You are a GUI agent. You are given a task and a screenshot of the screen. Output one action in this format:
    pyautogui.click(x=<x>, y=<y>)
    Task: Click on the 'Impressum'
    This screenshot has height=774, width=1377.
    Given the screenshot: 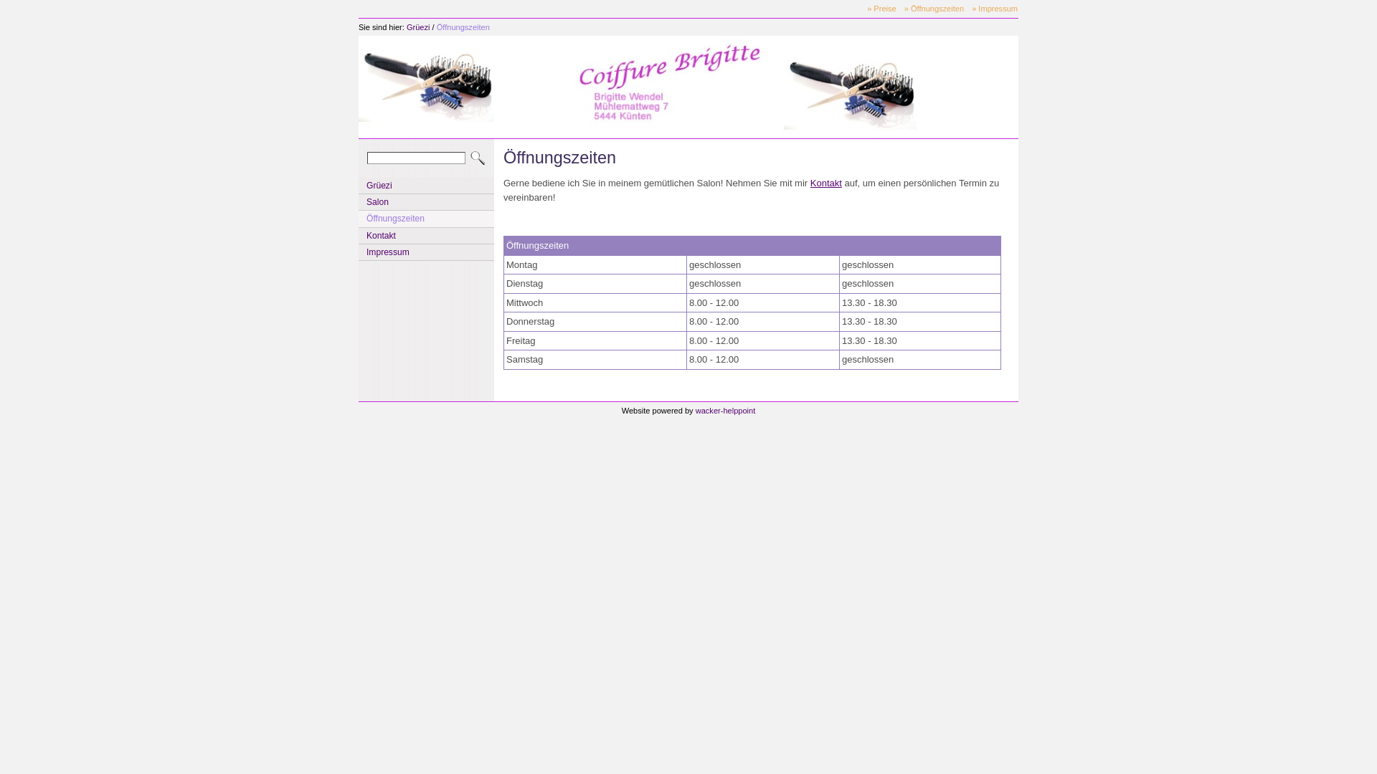 What is the action you would take?
    pyautogui.click(x=425, y=251)
    